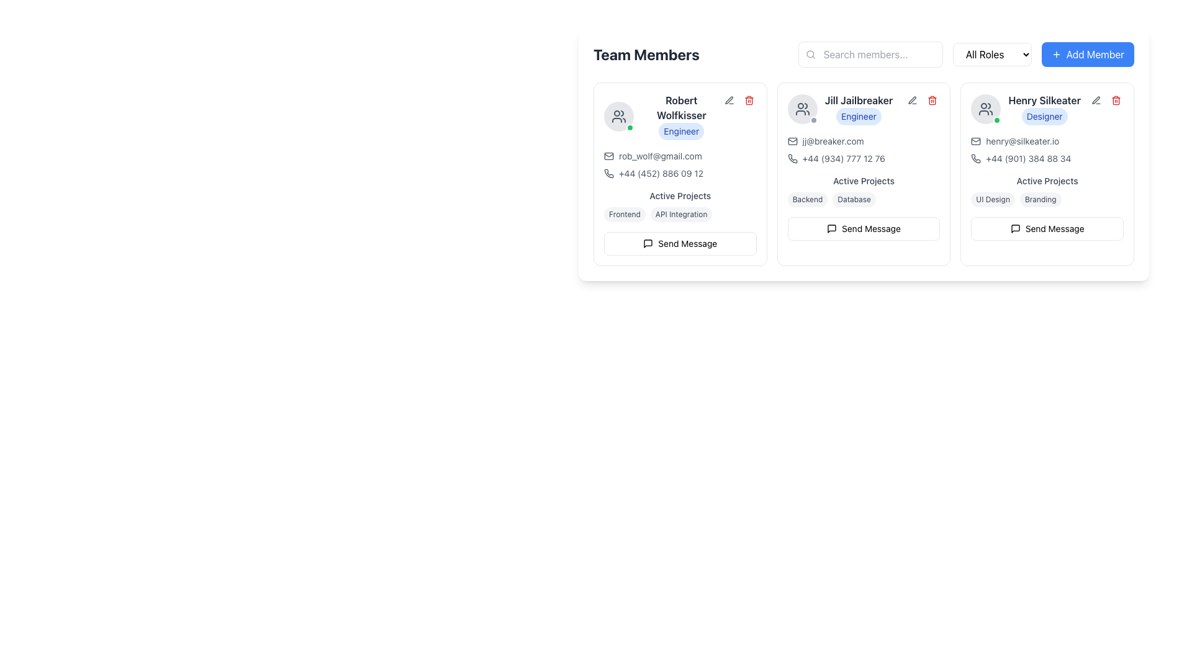 The height and width of the screenshot is (670, 1192). What do you see at coordinates (863, 150) in the screenshot?
I see `the Text Display with Embedded Icons containing an email address and phone number, located centrally in the 'Jill Jailbreaker' card, directly below the name and role section` at bounding box center [863, 150].